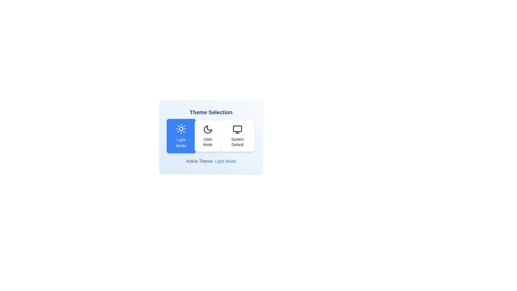  Describe the element at coordinates (237, 136) in the screenshot. I see `the System Default button to see its hover effect` at that location.